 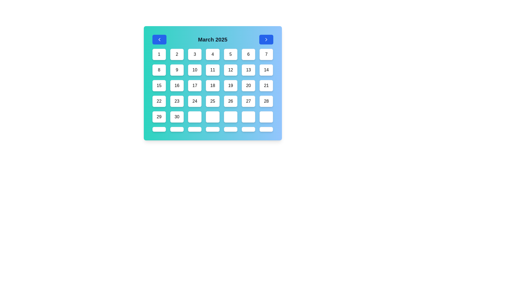 I want to click on the button representing the 25th day of the month in the calendar interface, so click(x=212, y=101).